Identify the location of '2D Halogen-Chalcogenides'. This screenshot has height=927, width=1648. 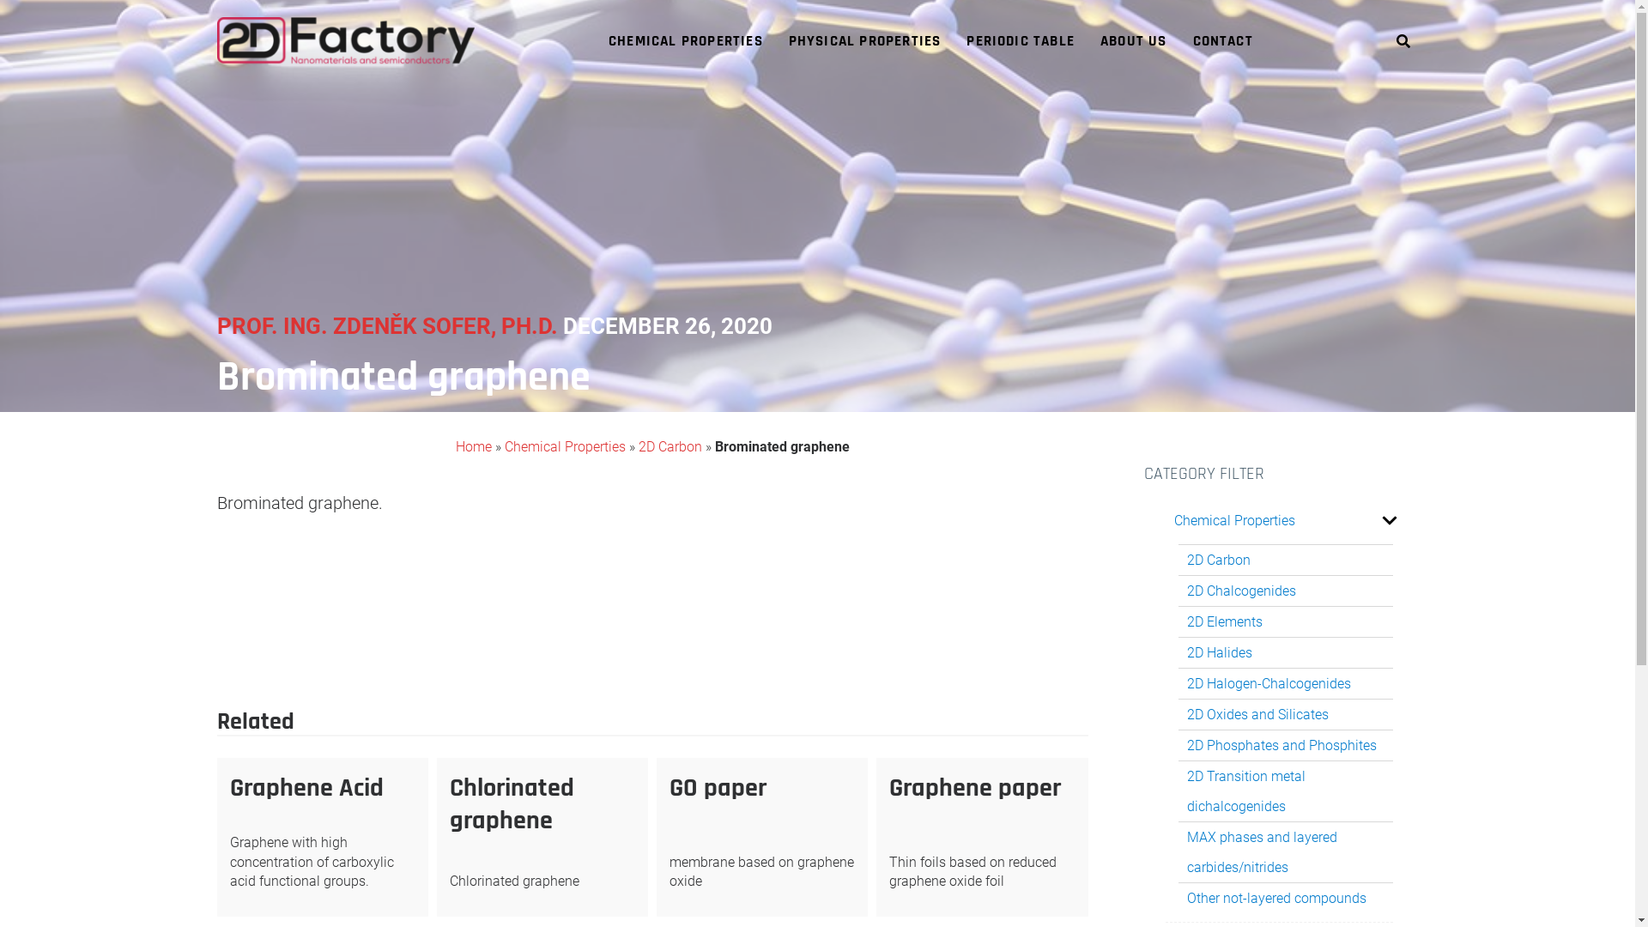
(1268, 682).